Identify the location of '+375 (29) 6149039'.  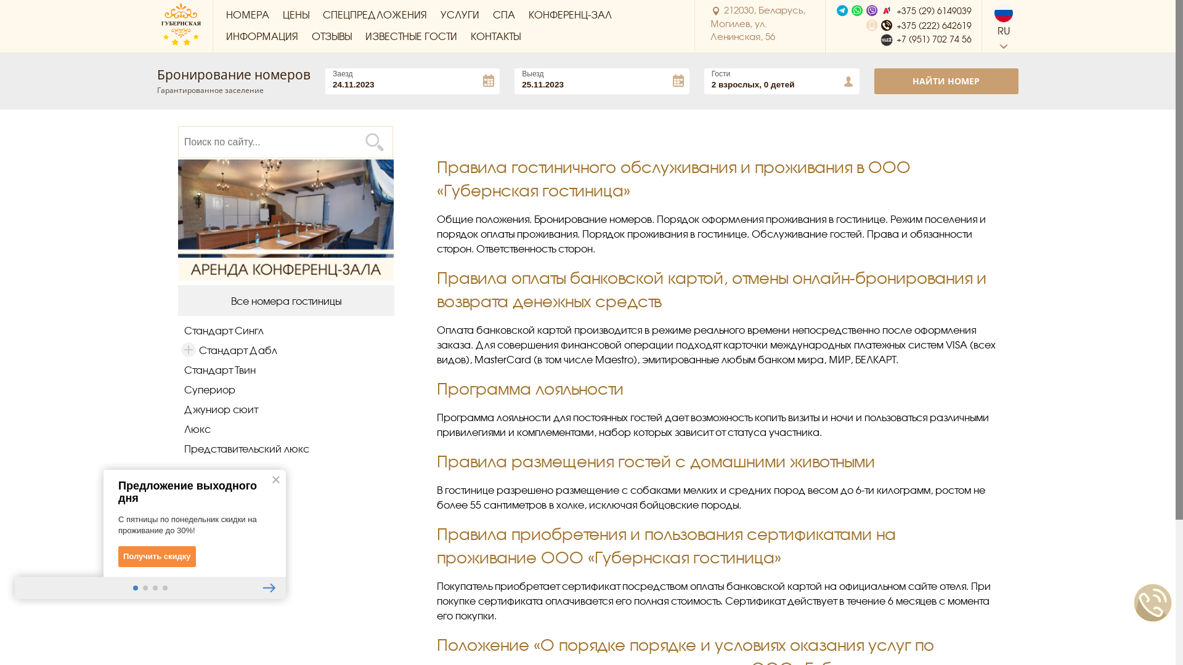
(903, 10).